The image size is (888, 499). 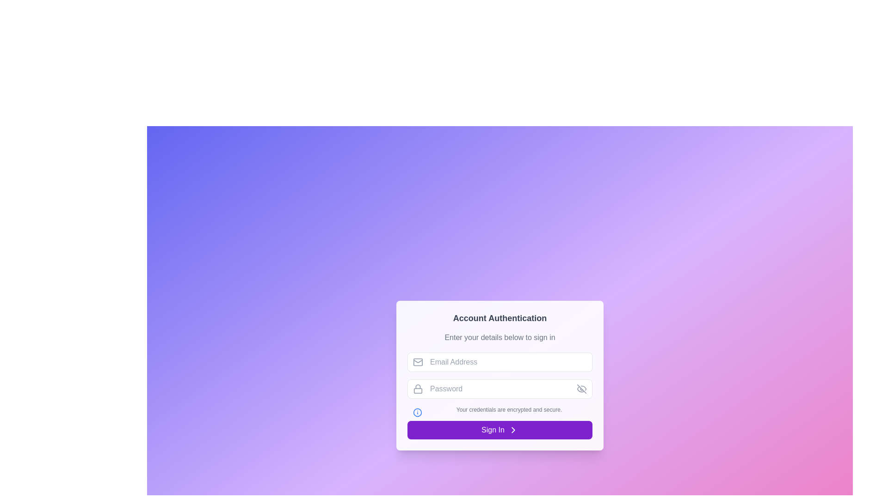 I want to click on the Decorative icon shaped like an envelope, which is outlined in gray and positioned inside the email input field at the left edge, so click(x=417, y=361).